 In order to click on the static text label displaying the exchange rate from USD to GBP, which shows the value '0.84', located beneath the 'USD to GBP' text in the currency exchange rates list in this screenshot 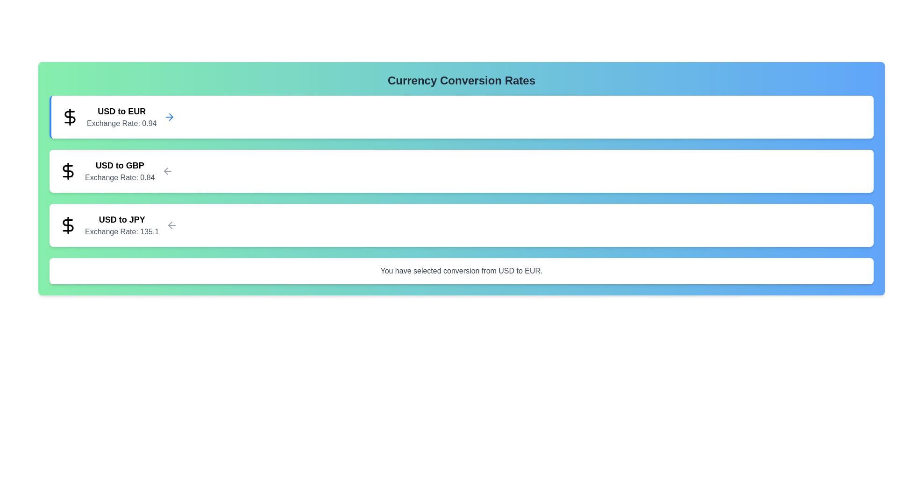, I will do `click(119, 178)`.